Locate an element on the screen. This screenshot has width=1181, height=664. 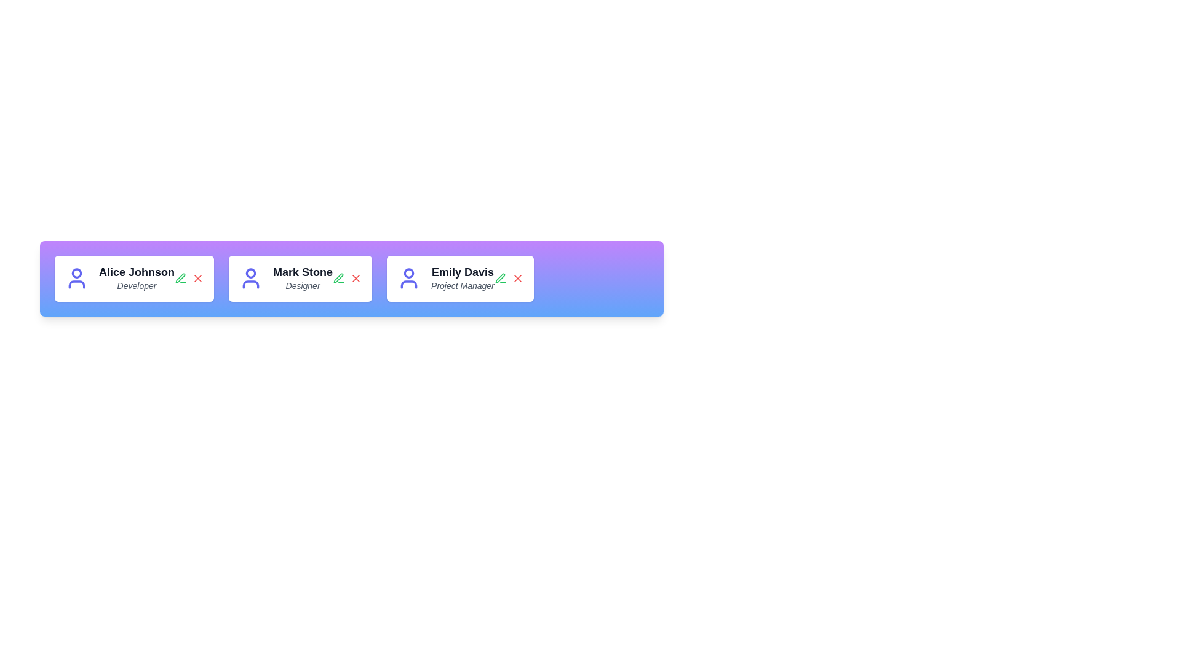
edit icon for the profile card of Mark Stone is located at coordinates (339, 279).